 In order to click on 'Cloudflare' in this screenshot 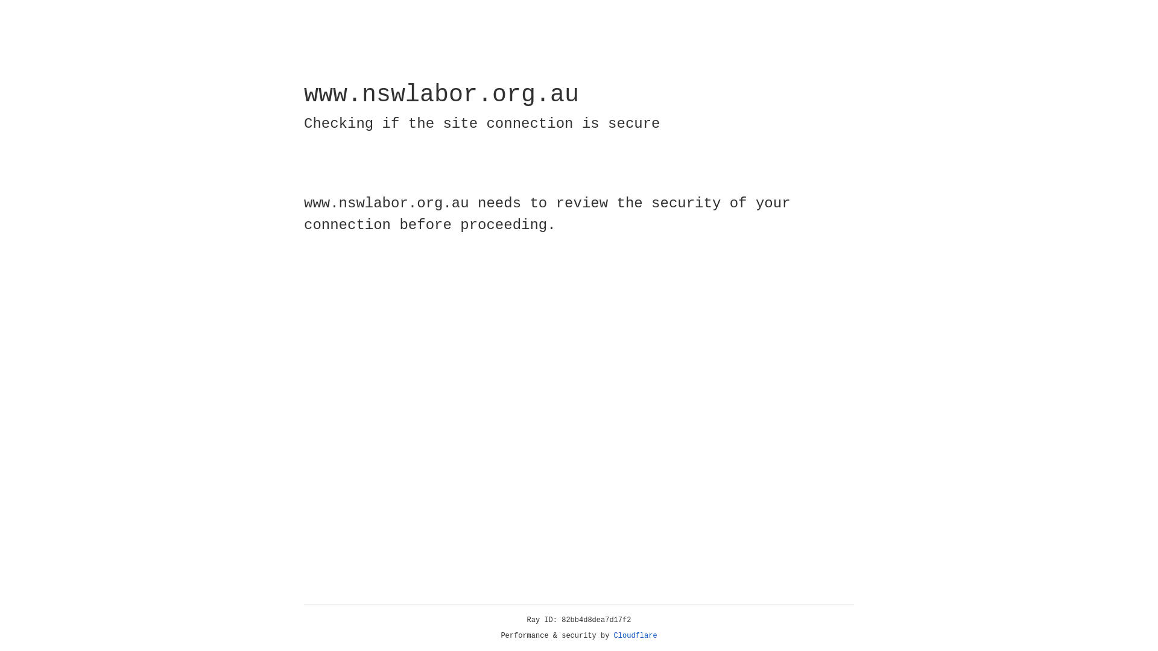, I will do `click(635, 635)`.